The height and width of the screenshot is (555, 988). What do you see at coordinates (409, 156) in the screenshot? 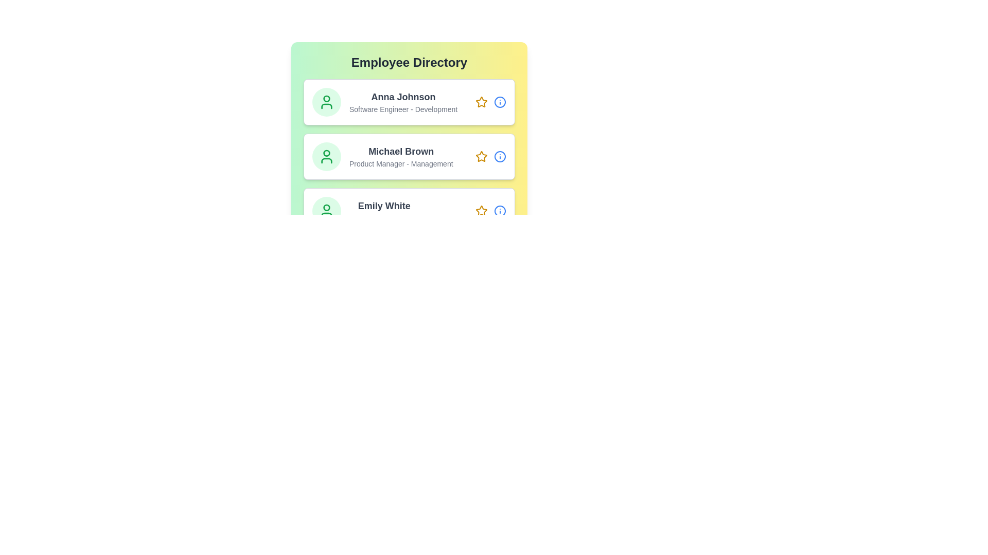
I see `the card of the employee with name Michael Brown` at bounding box center [409, 156].